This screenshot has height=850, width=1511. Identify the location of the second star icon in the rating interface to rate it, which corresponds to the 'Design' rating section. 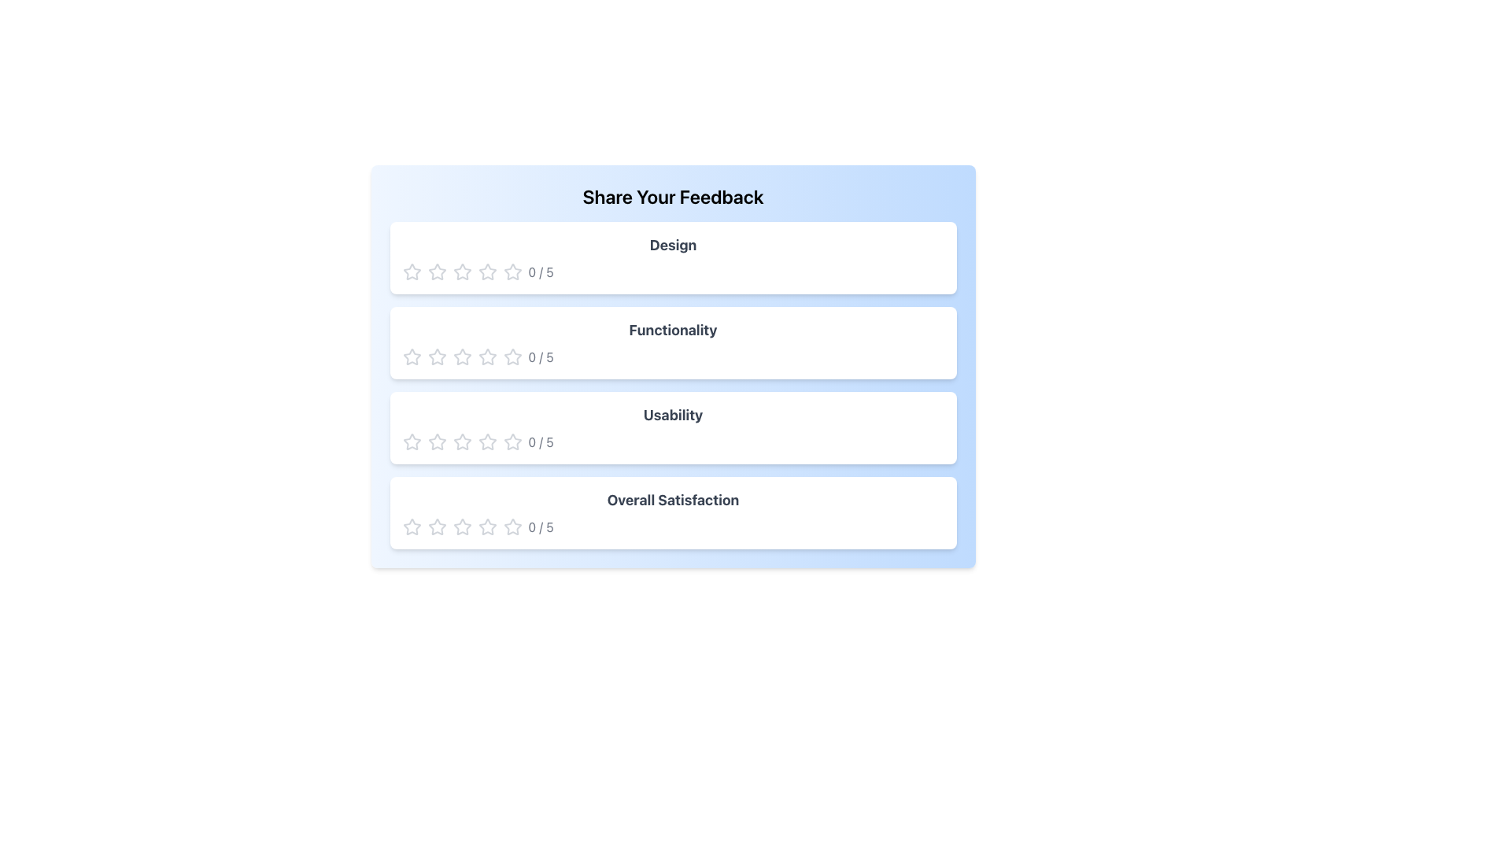
(460, 270).